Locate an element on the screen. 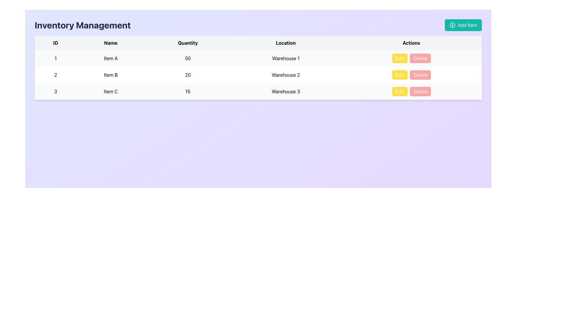  the circular icon with a plus symbol inside, located to the left of the 'Add Item' button in the top-right corner of the interface is located at coordinates (452, 25).